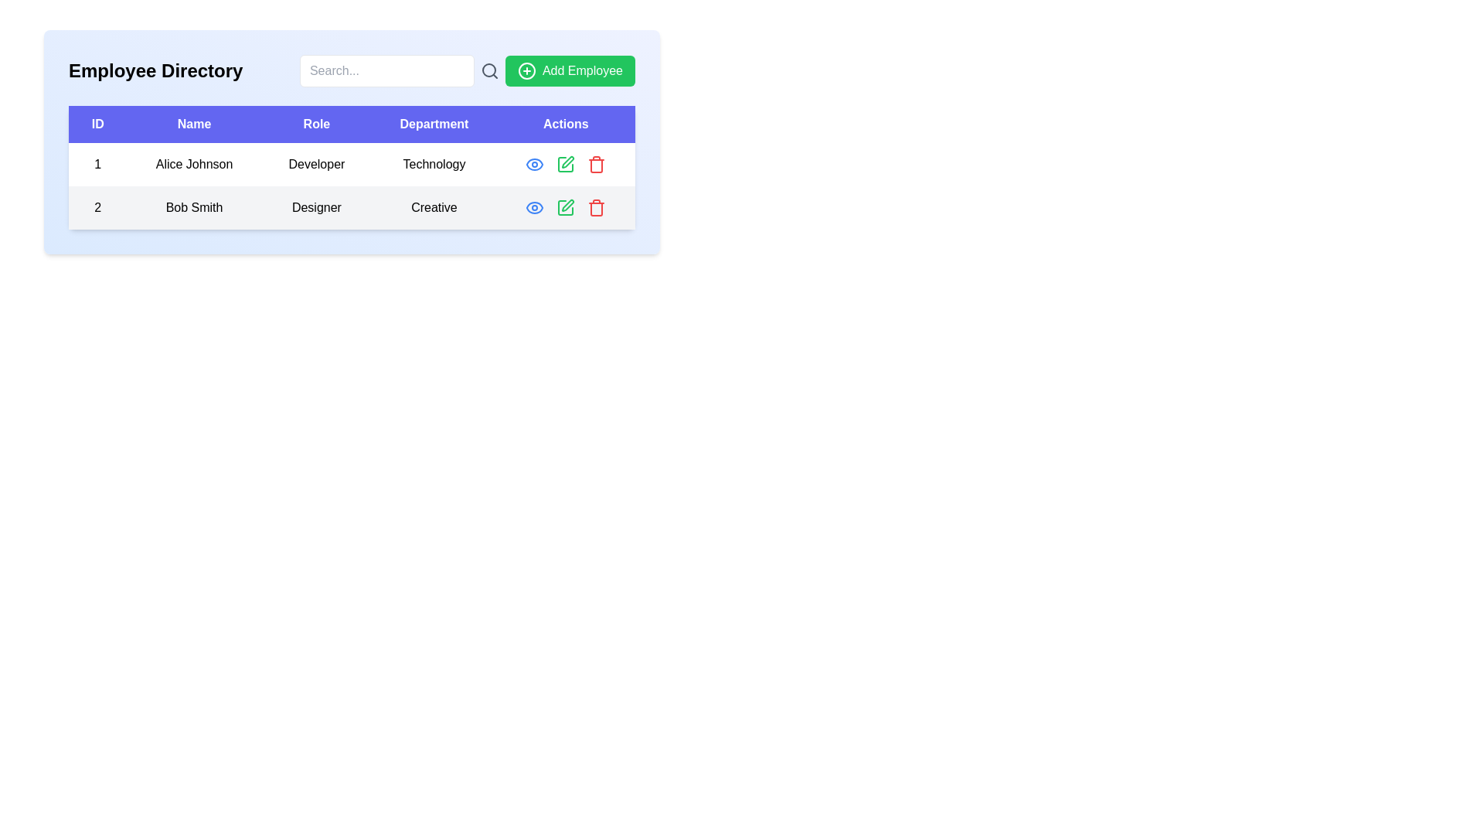 This screenshot has width=1484, height=835. I want to click on the text element displaying the name 'Alice Johnson' in the 'Name' column of the employee directory table, so click(193, 164).